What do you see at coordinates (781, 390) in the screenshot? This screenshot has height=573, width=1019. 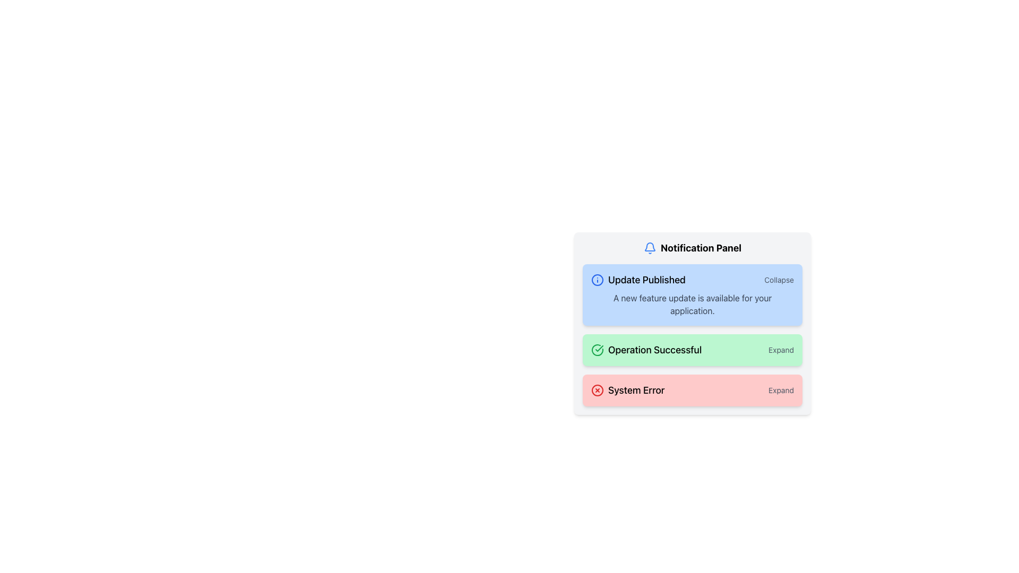 I see `the 'Expand' link in the top-right corner of the red 'System Error' notification block for accessibility navigation` at bounding box center [781, 390].